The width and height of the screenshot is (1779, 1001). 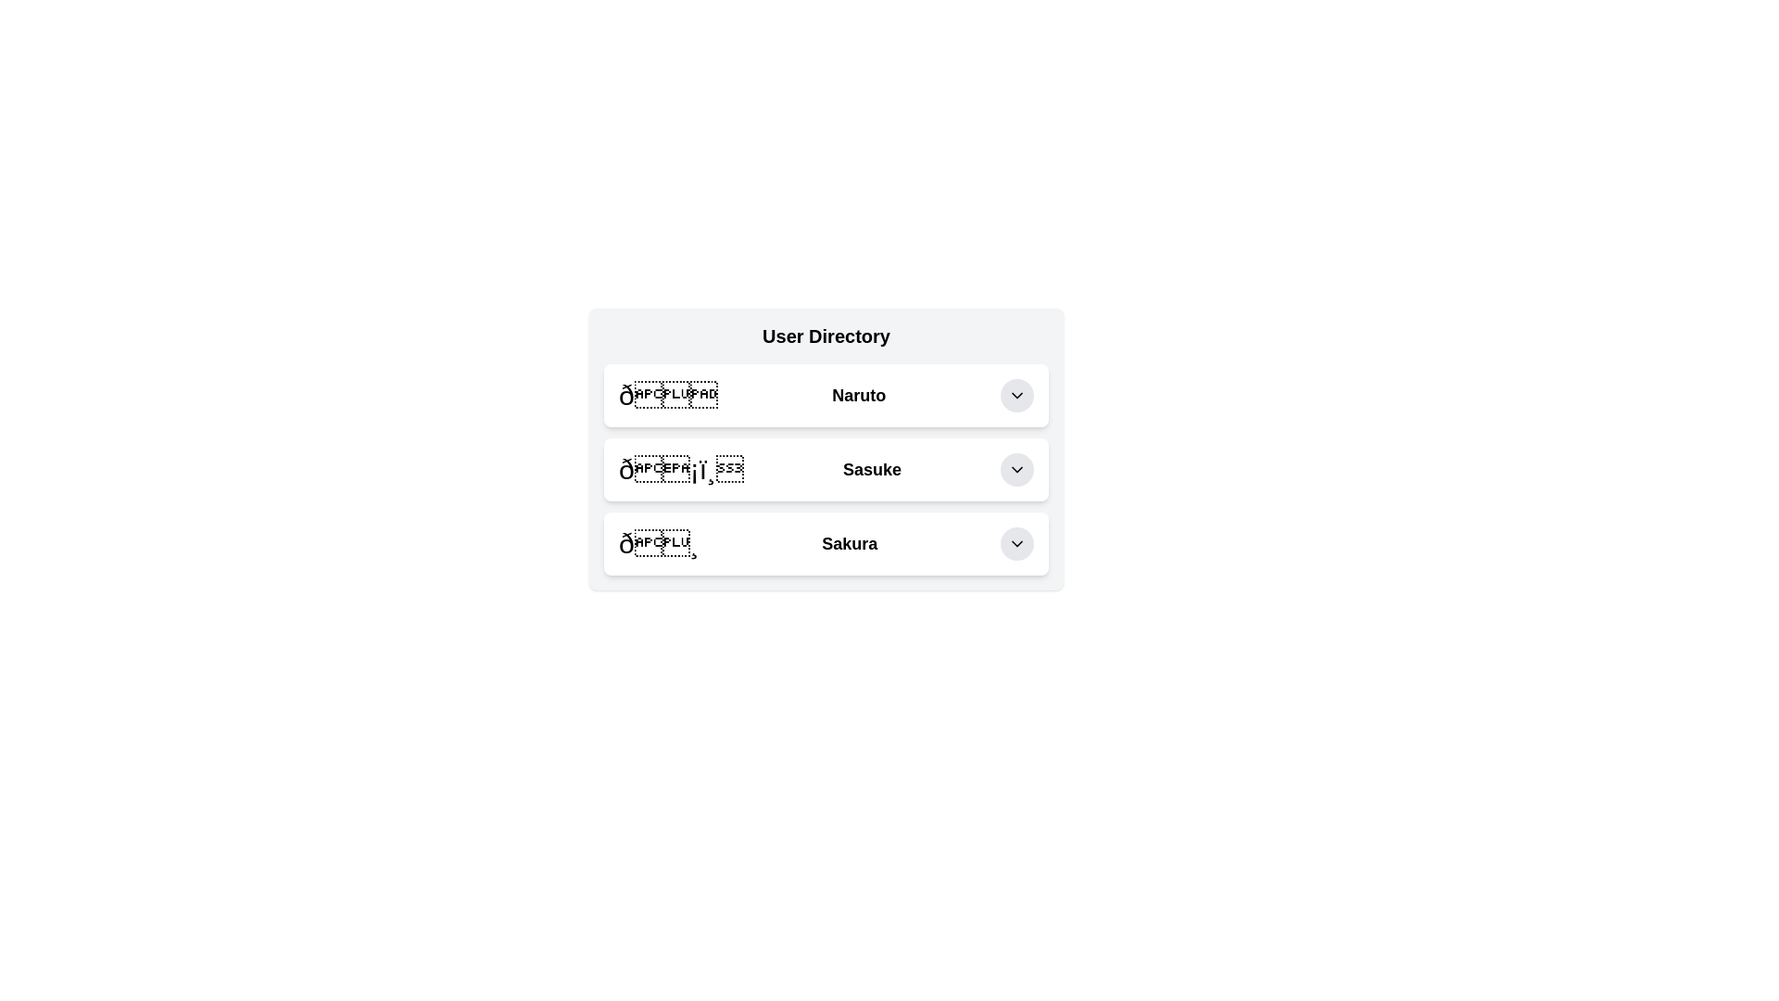 I want to click on the down-facing chevron icon within the circular button associated with the 'Sasuke' entry in the User Directory, so click(x=1016, y=468).